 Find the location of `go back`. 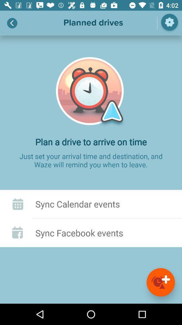

go back is located at coordinates (12, 23).